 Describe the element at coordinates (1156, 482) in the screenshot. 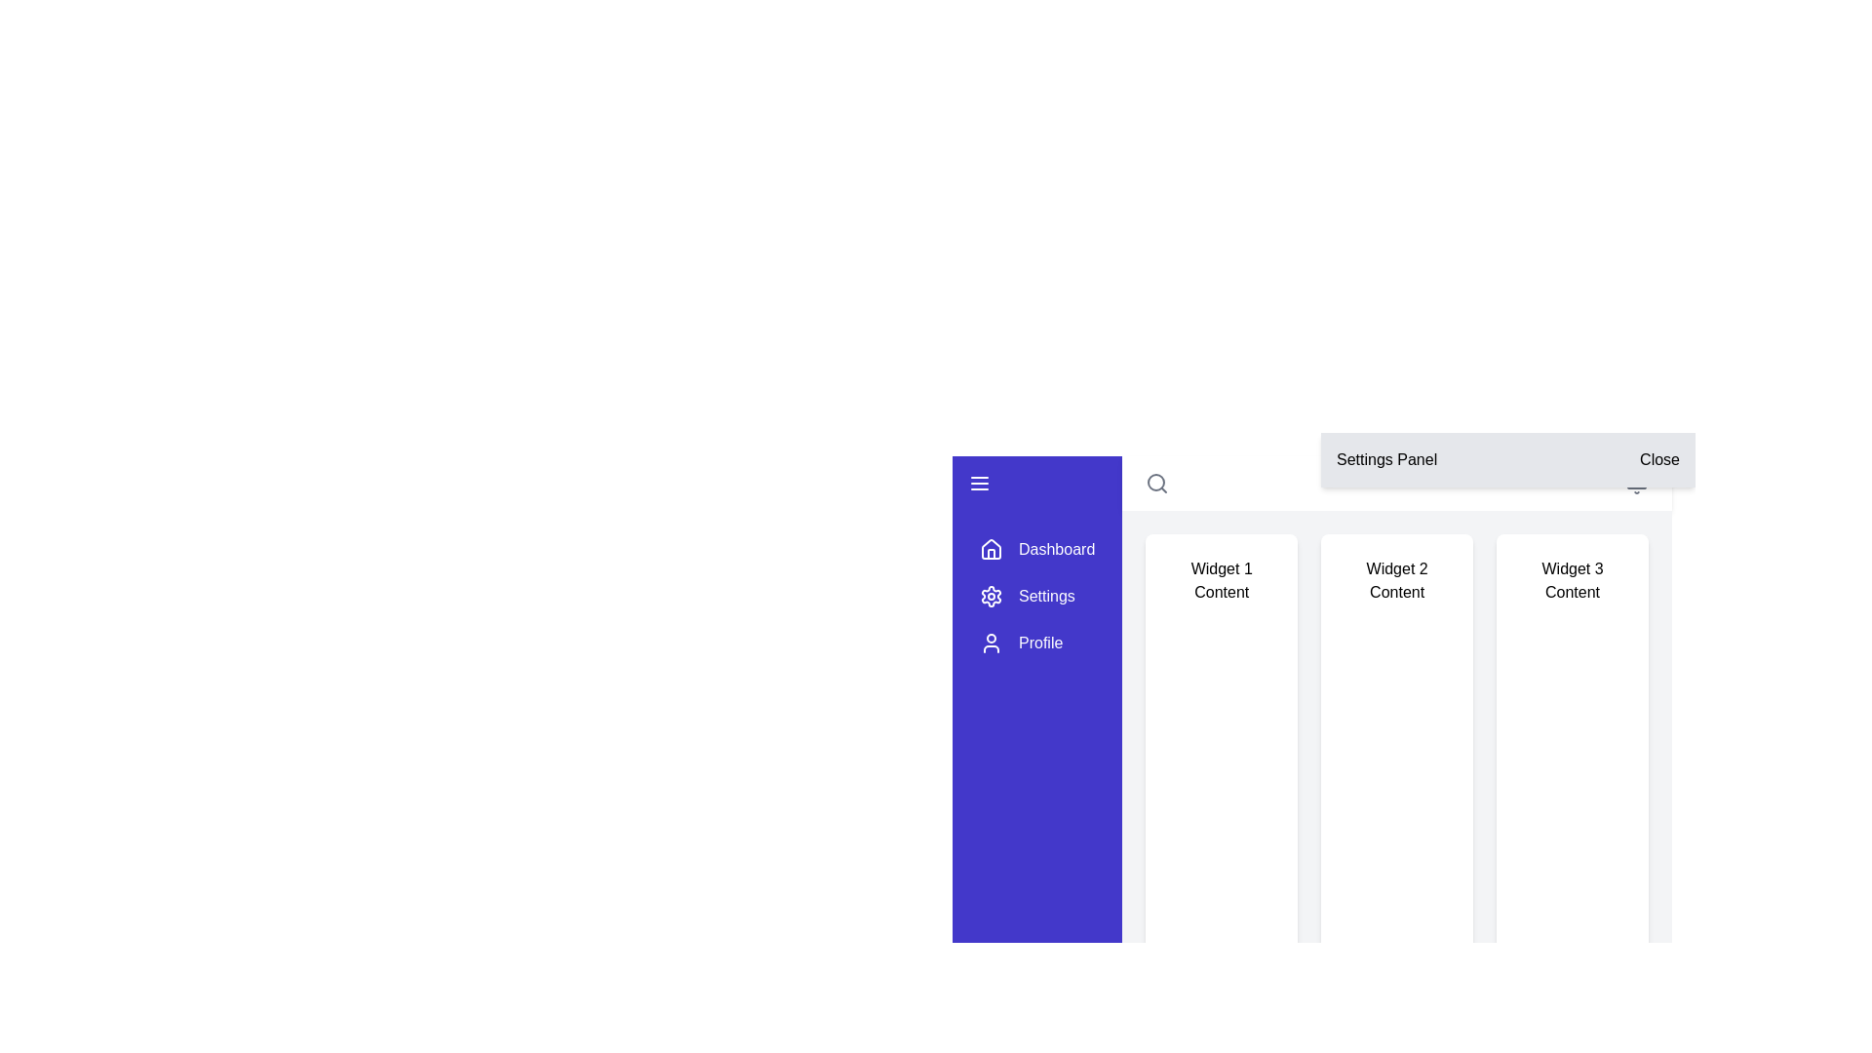

I see `circular graphical icon representing a part of the search icon, located in the upper right portion of the interface` at that location.